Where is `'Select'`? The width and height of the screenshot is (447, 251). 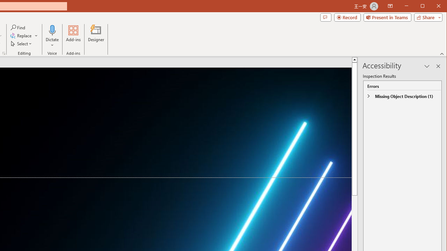 'Select' is located at coordinates (22, 44).